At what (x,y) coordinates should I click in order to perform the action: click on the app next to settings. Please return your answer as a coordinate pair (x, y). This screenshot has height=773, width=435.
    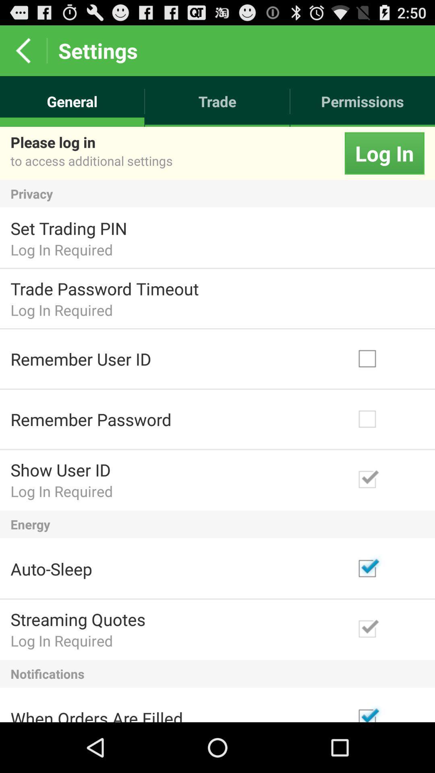
    Looking at the image, I should click on (23, 50).